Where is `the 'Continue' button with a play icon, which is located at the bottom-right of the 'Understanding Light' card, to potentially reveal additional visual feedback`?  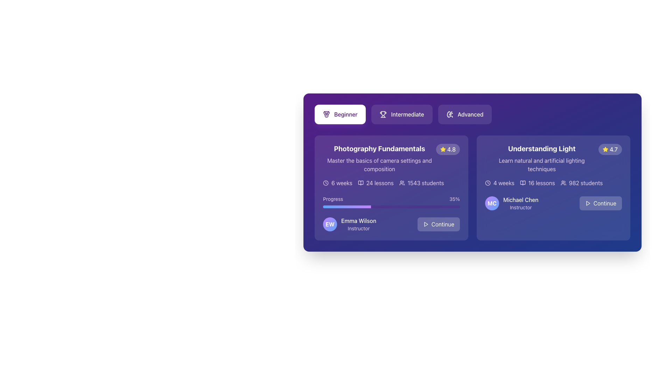
the 'Continue' button with a play icon, which is located at the bottom-right of the 'Understanding Light' card, to potentially reveal additional visual feedback is located at coordinates (600, 203).